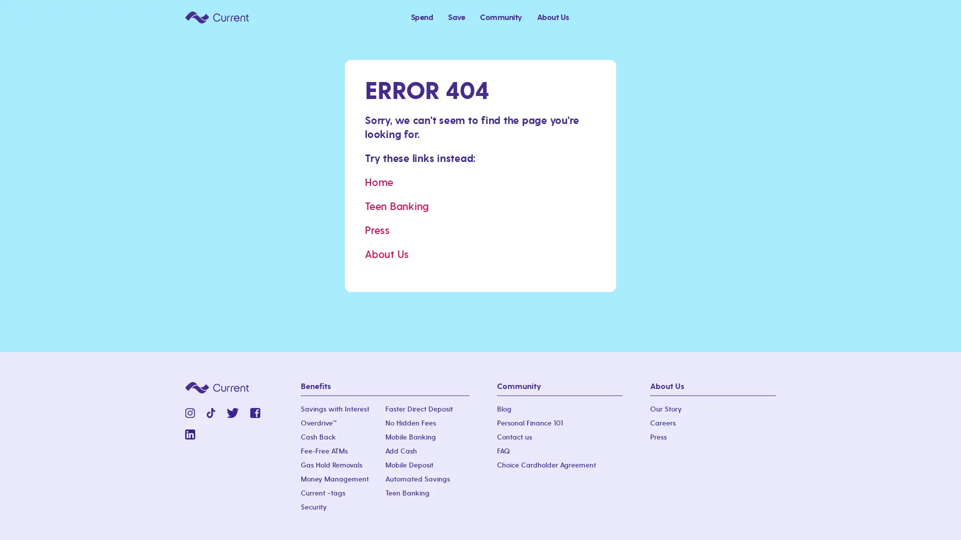 The image size is (961, 540). Describe the element at coordinates (318, 423) in the screenshot. I see `OverdriveTM` at that location.